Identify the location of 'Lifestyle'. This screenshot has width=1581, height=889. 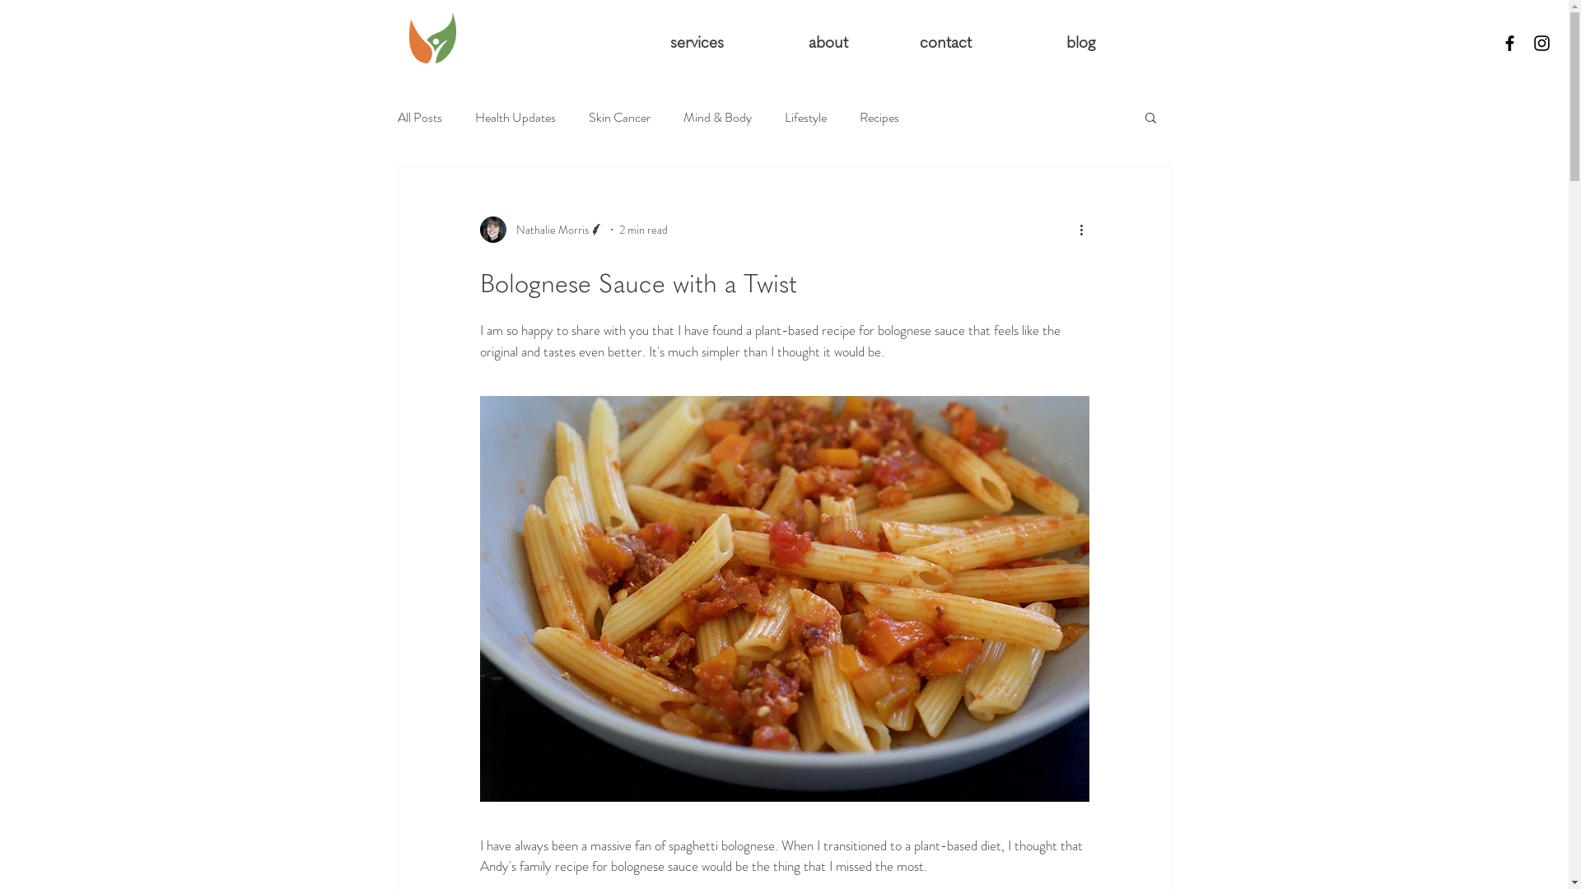
(804, 115).